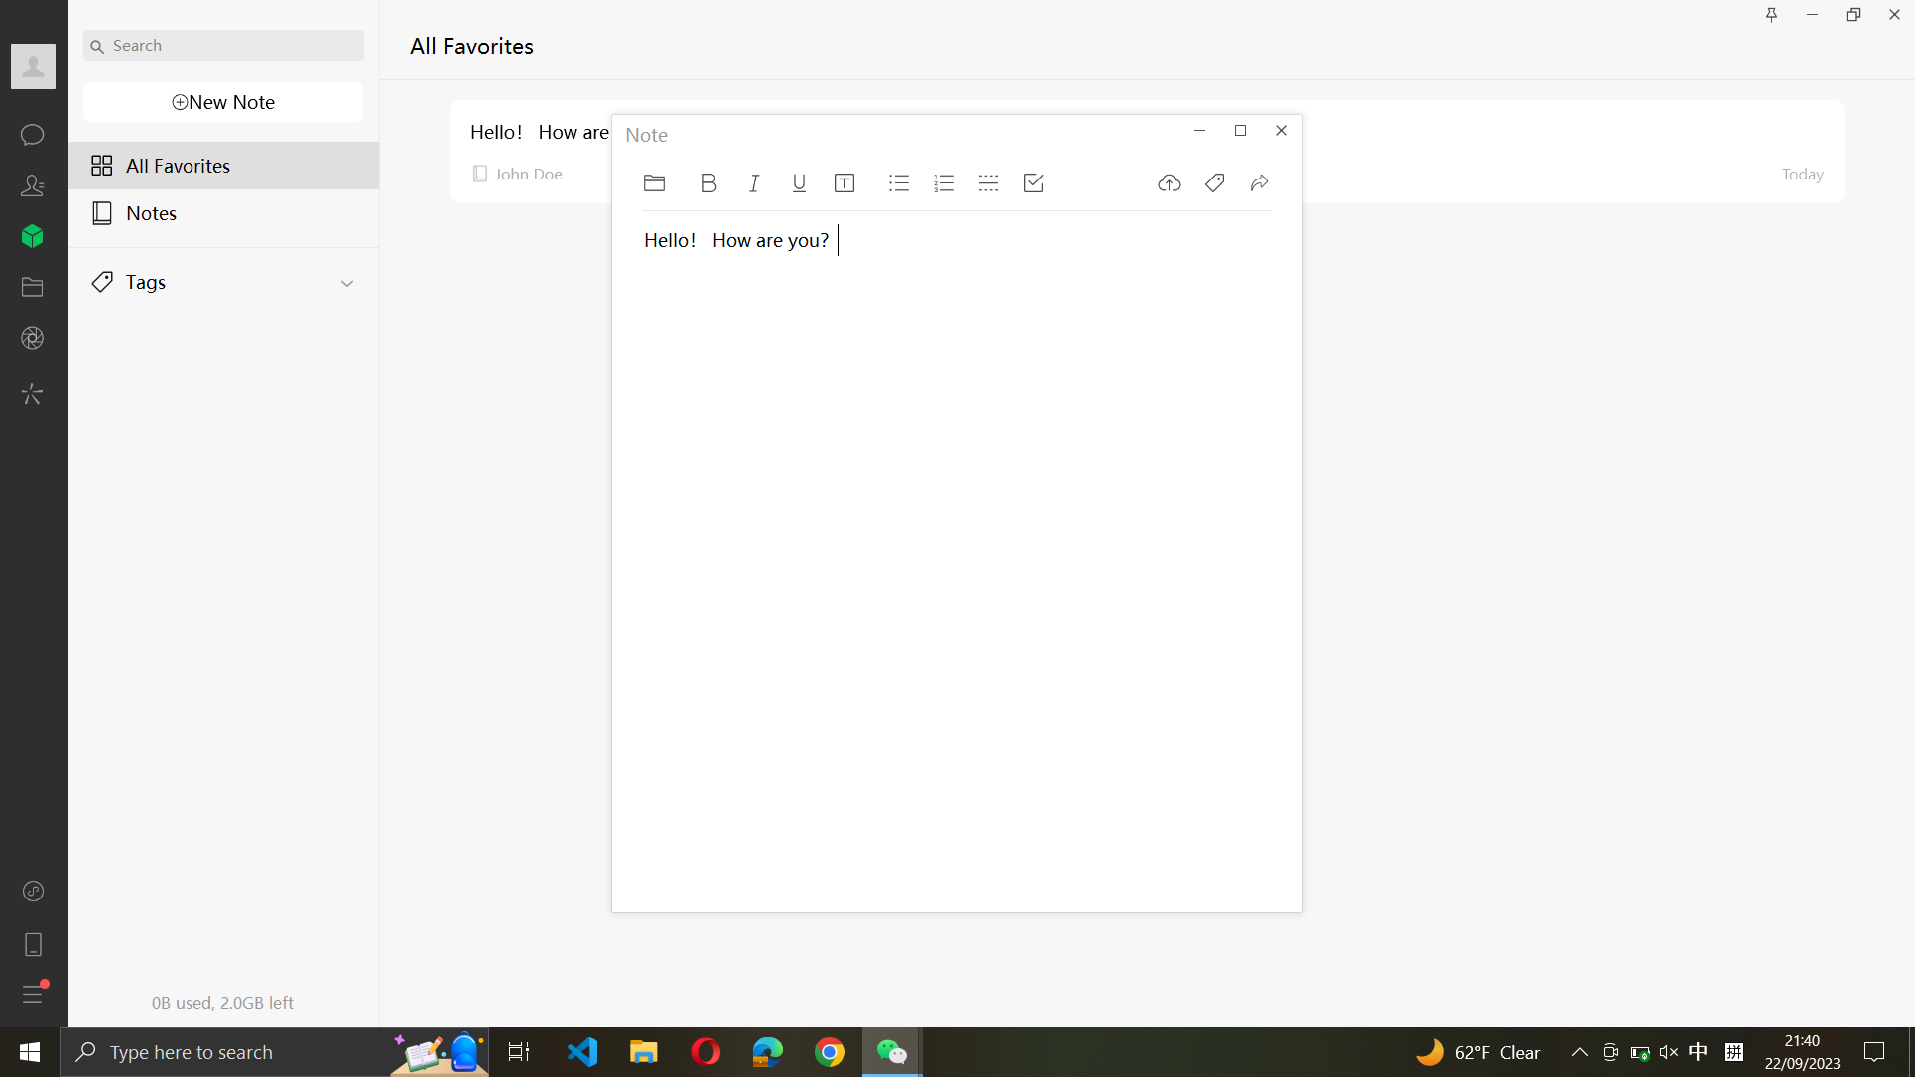 Image resolution: width=1915 pixels, height=1077 pixels. What do you see at coordinates (220, 103) in the screenshot?
I see `Create a new note and write content - "This is a new Note` at bounding box center [220, 103].